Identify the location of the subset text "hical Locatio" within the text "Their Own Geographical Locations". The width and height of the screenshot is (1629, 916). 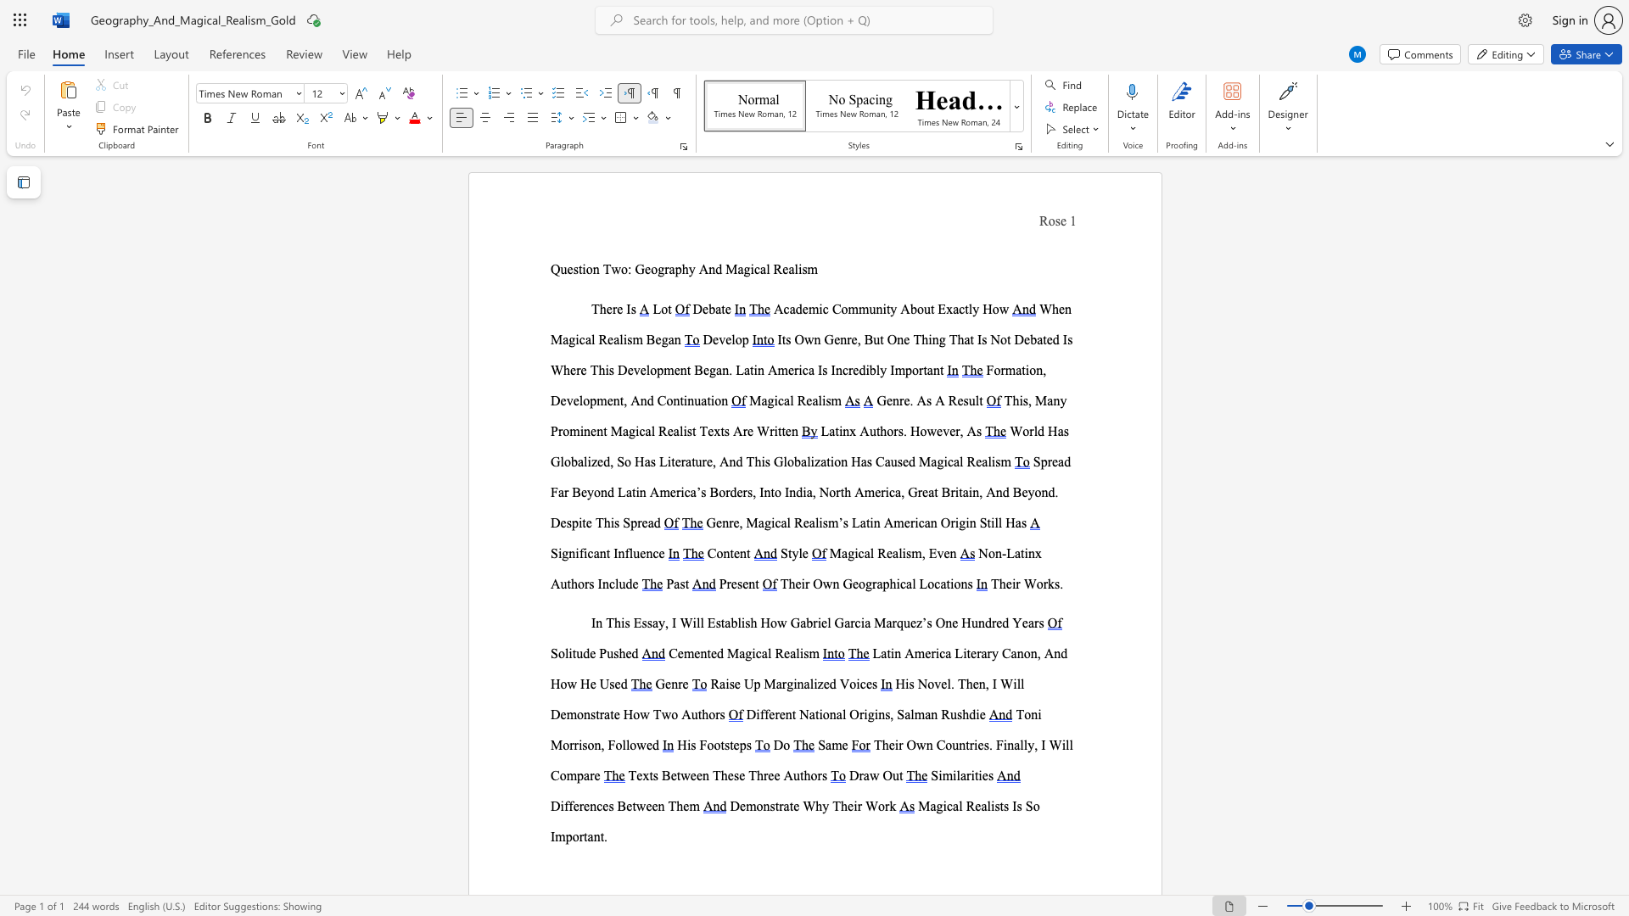
(888, 583).